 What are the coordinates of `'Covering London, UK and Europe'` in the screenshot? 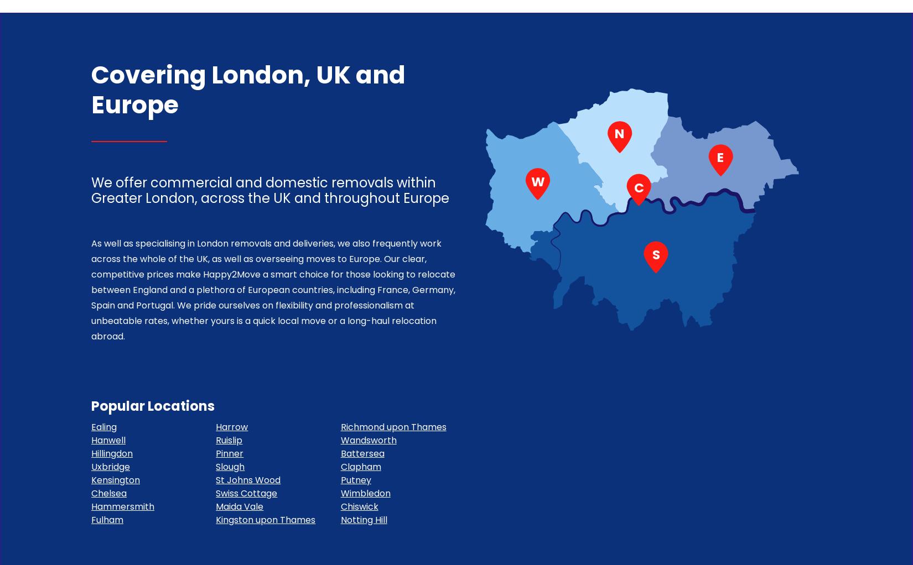 It's located at (247, 88).